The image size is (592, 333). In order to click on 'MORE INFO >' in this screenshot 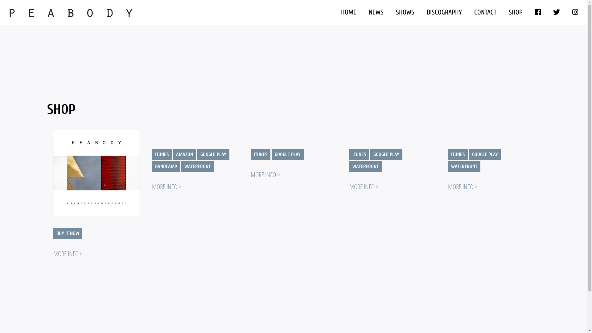, I will do `click(364, 186)`.